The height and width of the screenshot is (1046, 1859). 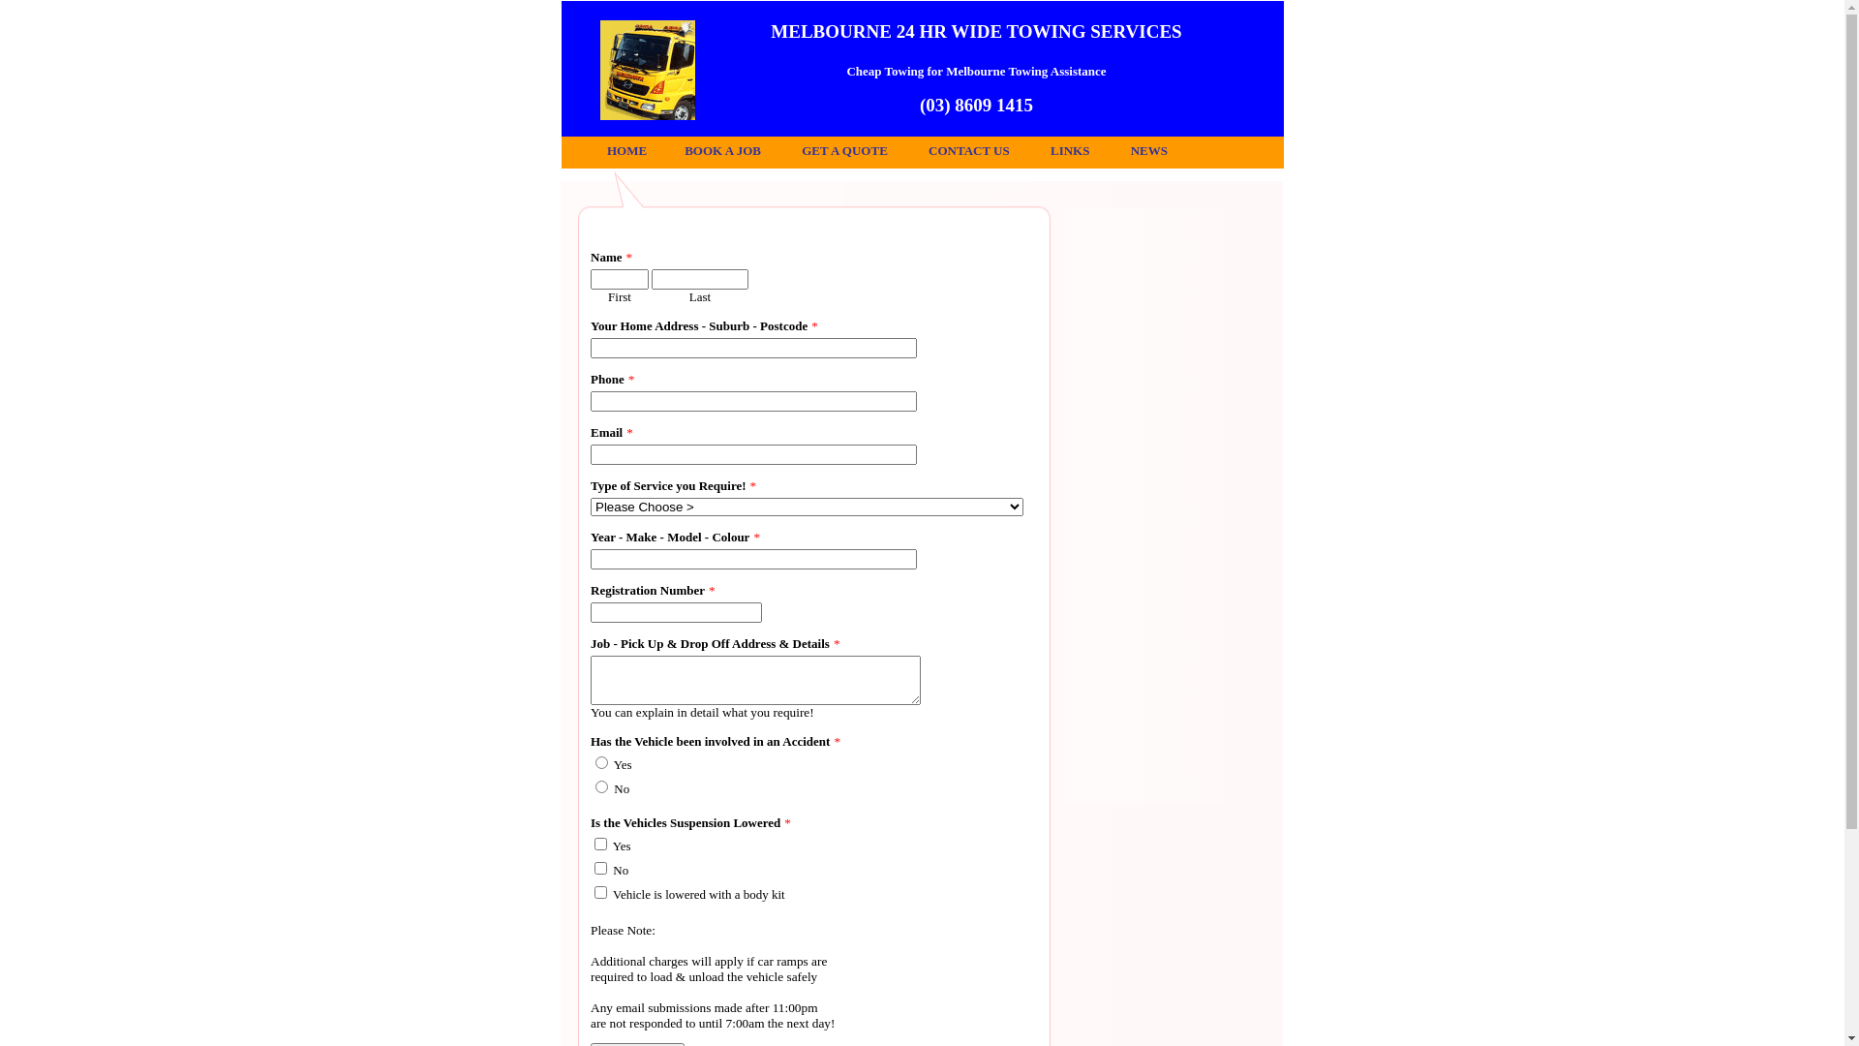 What do you see at coordinates (684, 149) in the screenshot?
I see `'BOOK A JOB'` at bounding box center [684, 149].